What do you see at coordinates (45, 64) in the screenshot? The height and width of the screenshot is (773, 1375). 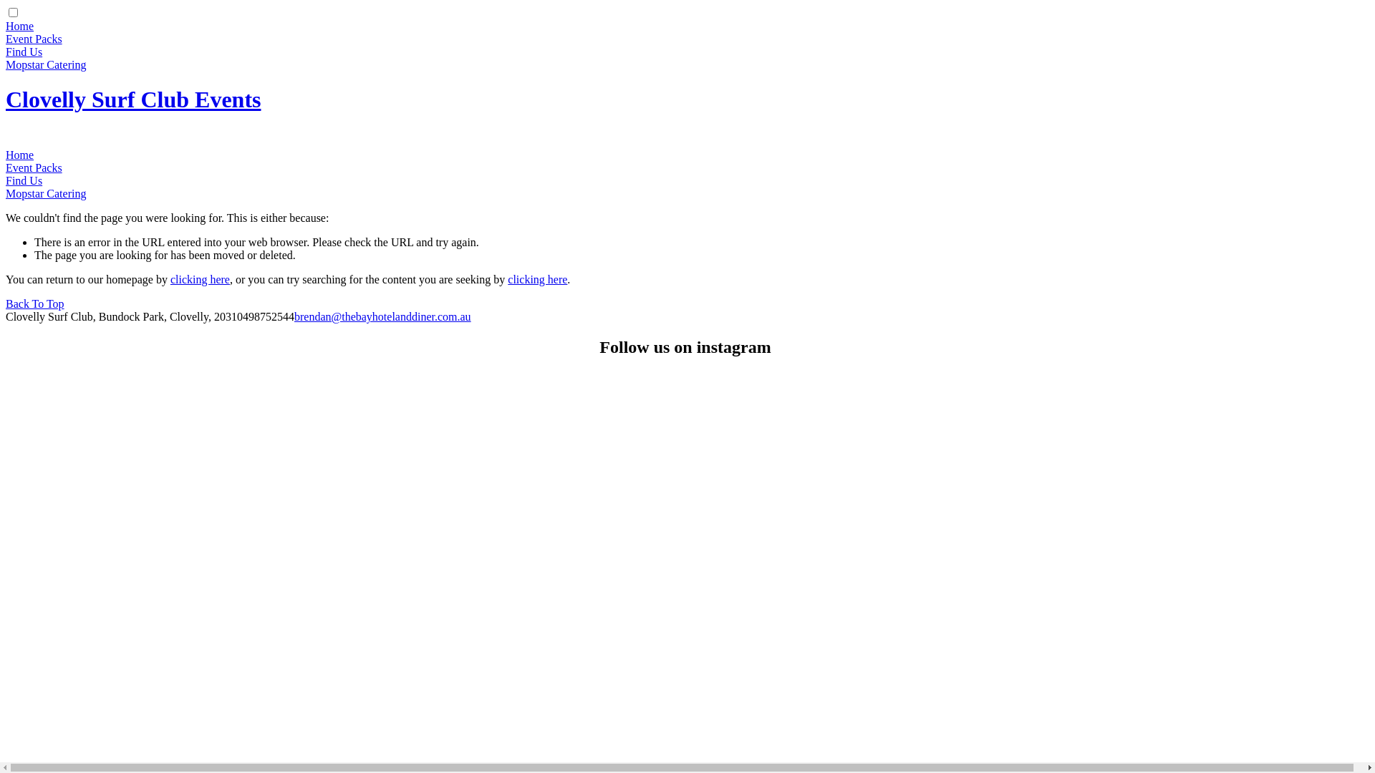 I see `'Mopstar Catering'` at bounding box center [45, 64].